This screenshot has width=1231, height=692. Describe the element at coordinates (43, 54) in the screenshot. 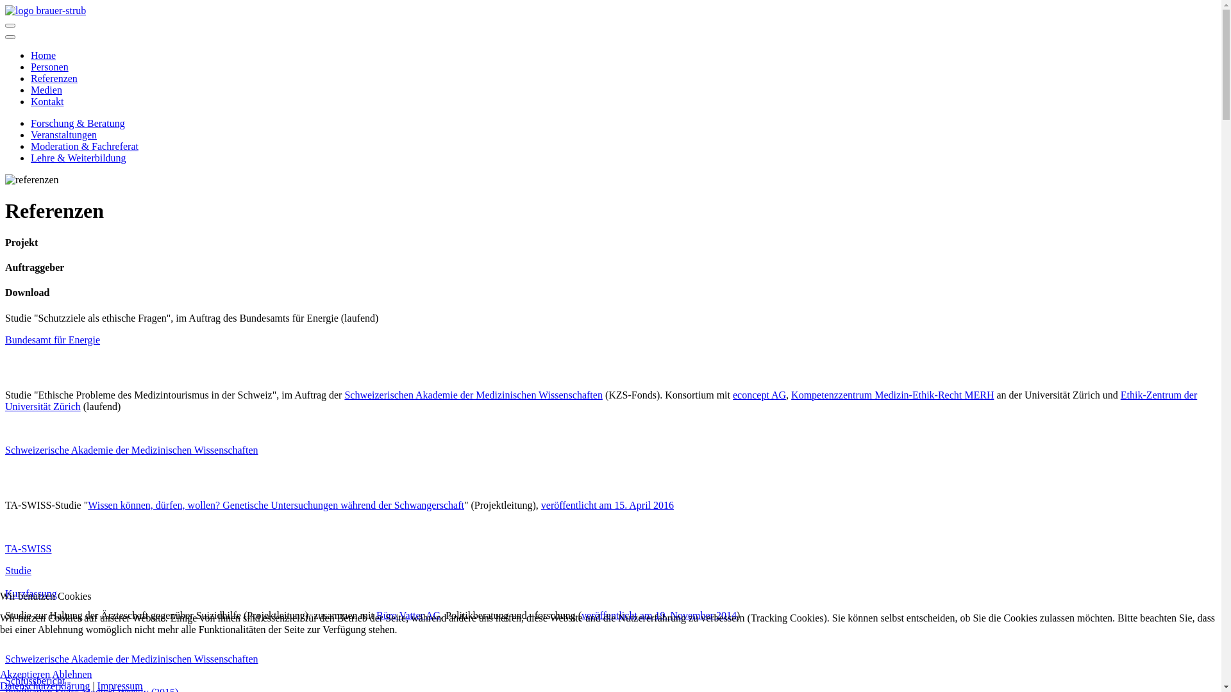

I see `'Home'` at that location.